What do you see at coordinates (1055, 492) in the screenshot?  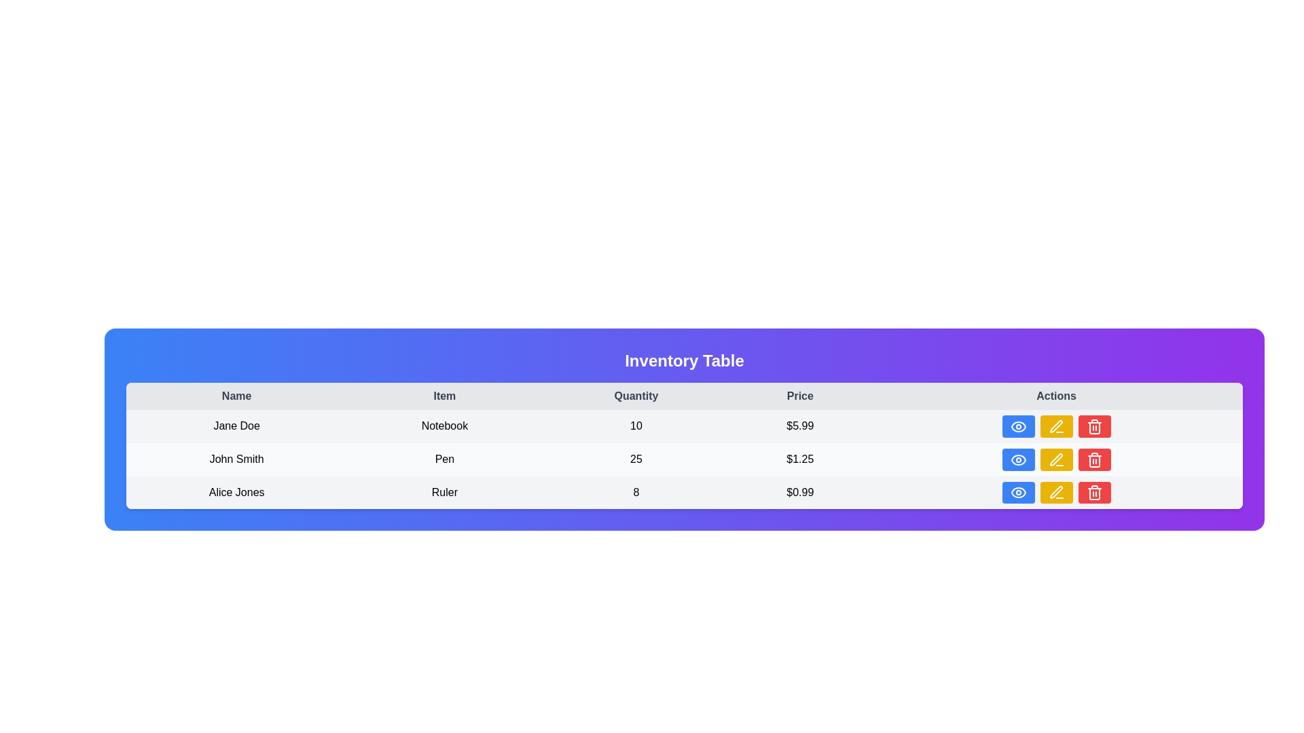 I see `the yellow pencil icon` at bounding box center [1055, 492].